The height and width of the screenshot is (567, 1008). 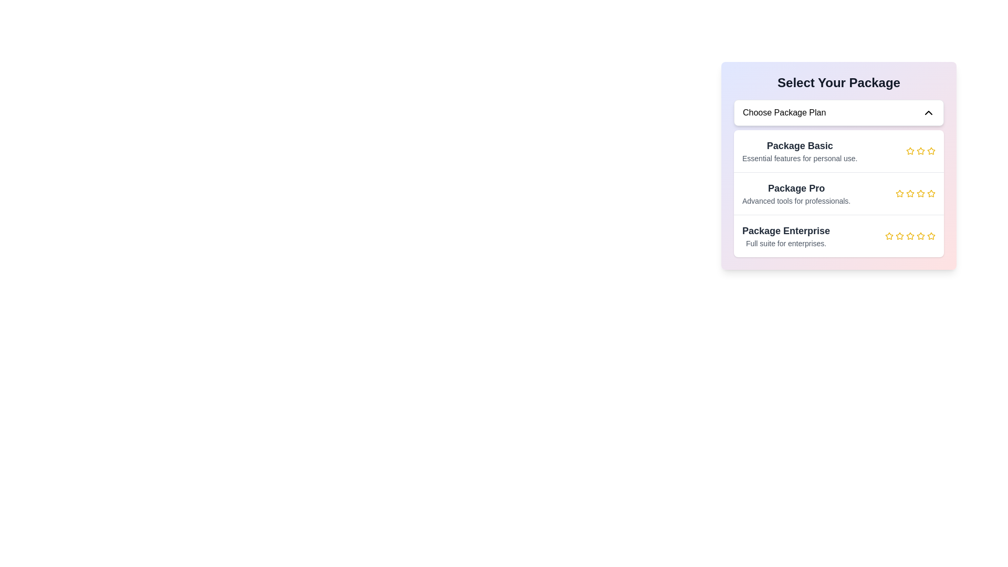 I want to click on the second yellow star icon from the left within the group of three stars in the 'Select Your Package' section for possible customizations, so click(x=920, y=151).